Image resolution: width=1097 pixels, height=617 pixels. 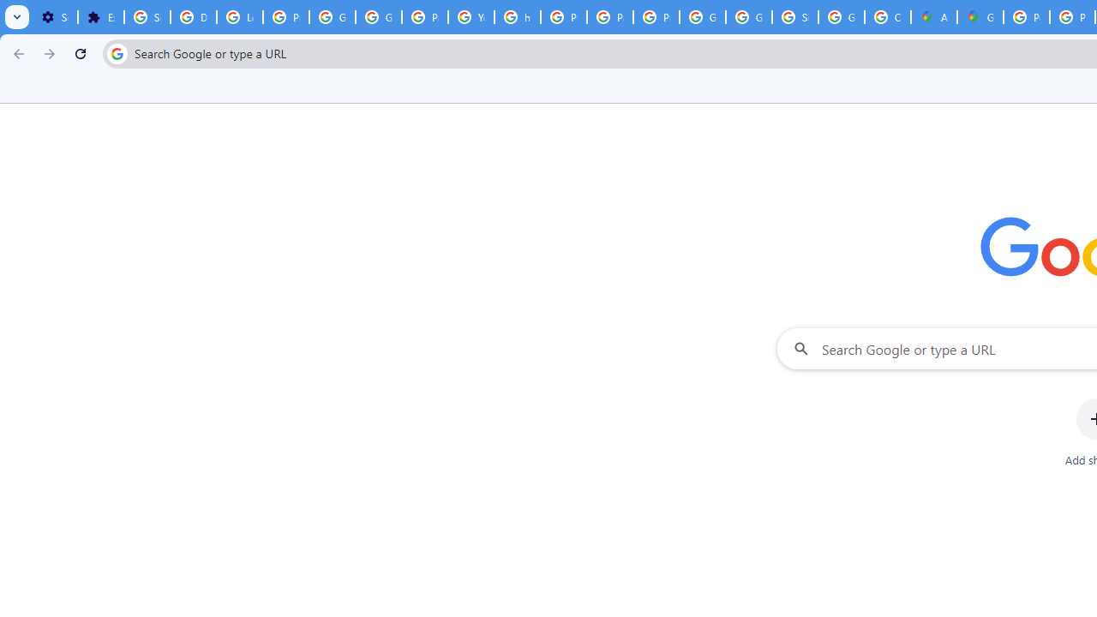 I want to click on 'Google Maps', so click(x=980, y=17).